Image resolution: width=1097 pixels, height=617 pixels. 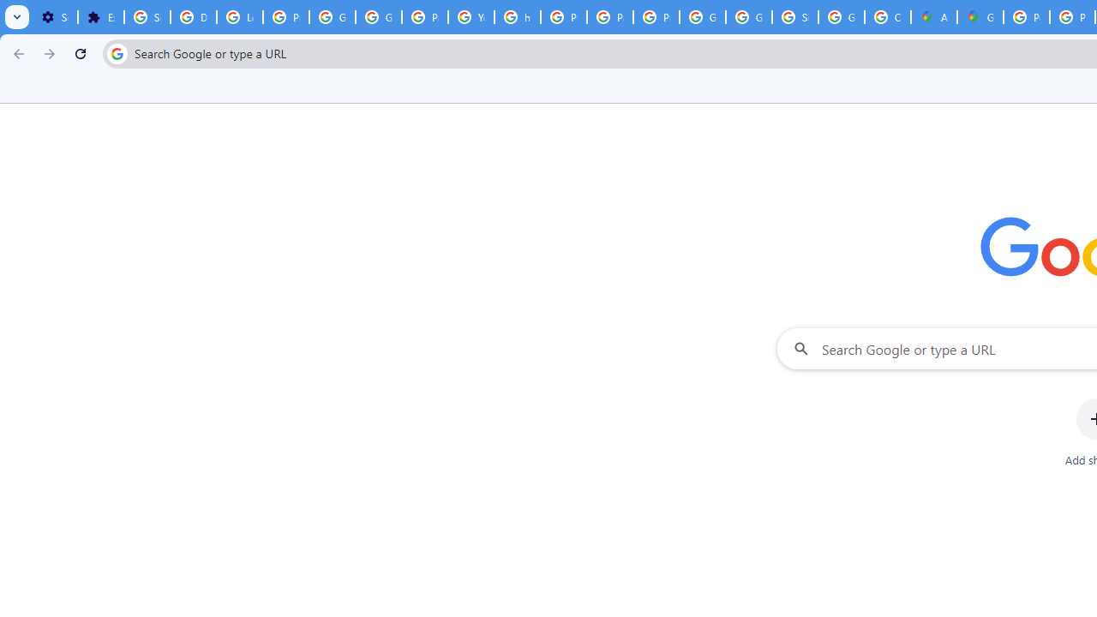 I want to click on 'Google Maps', so click(x=980, y=17).